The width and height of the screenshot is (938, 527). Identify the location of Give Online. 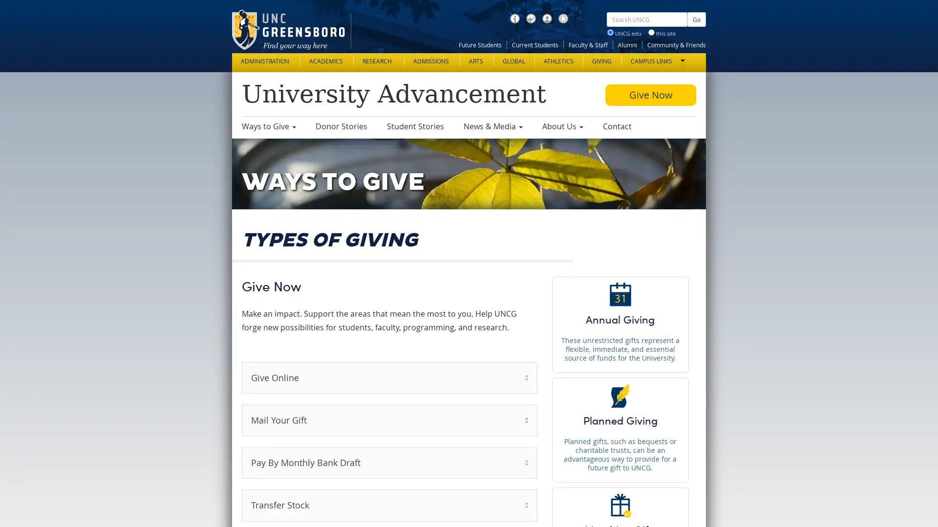
(388, 377).